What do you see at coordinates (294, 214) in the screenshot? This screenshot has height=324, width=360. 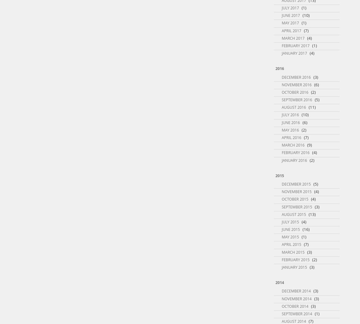 I see `'August 2015'` at bounding box center [294, 214].